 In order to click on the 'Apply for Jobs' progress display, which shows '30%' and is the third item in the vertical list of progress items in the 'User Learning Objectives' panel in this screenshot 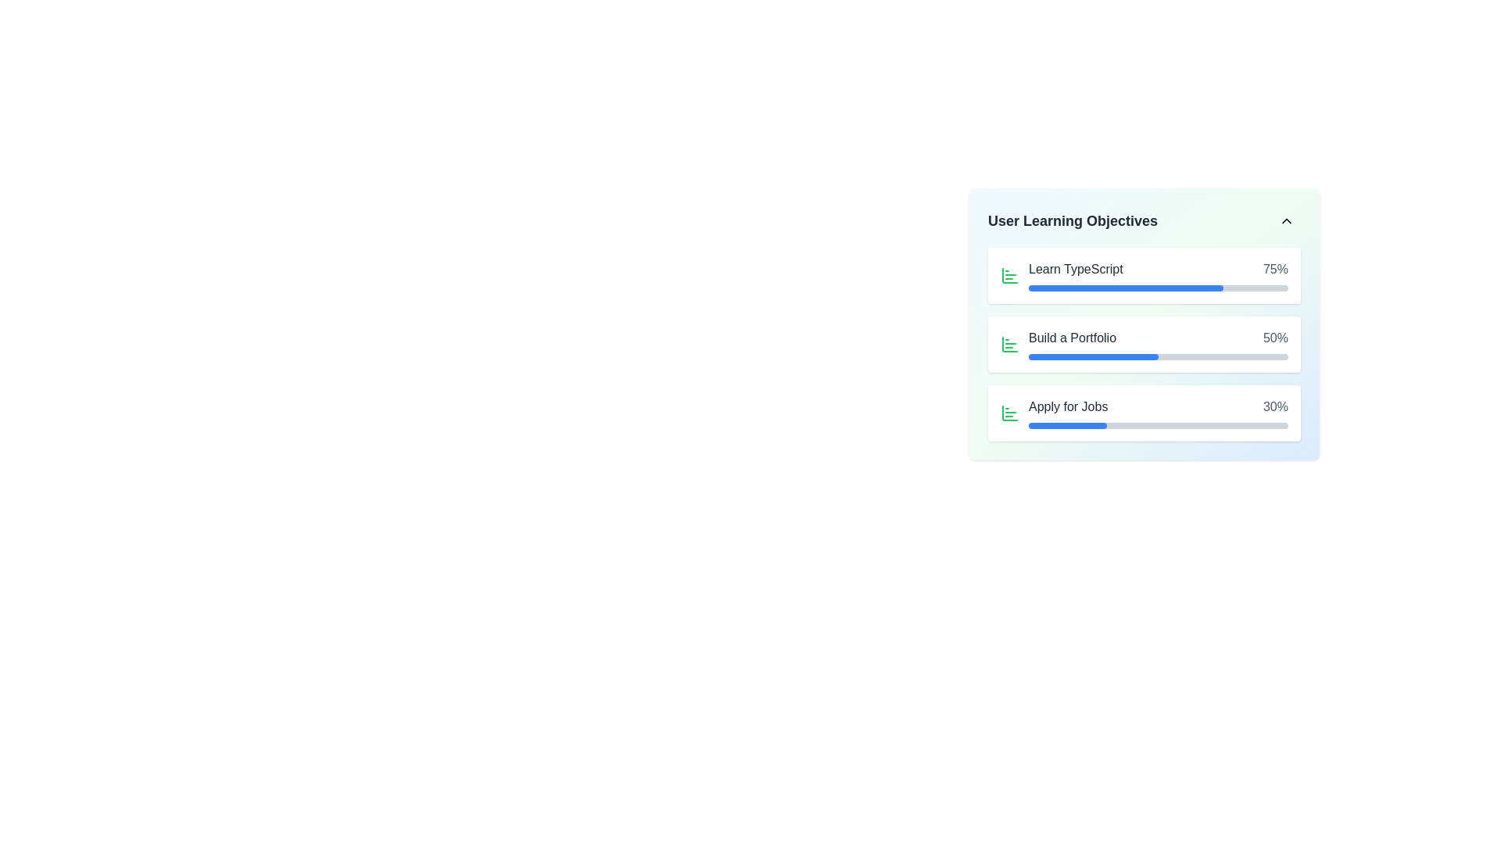, I will do `click(1159, 406)`.